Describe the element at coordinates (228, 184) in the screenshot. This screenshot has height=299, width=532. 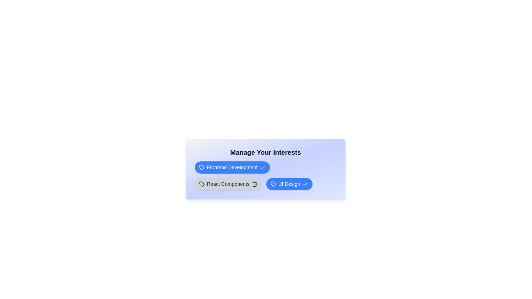
I see `the tag labeled 'React Components'` at that location.